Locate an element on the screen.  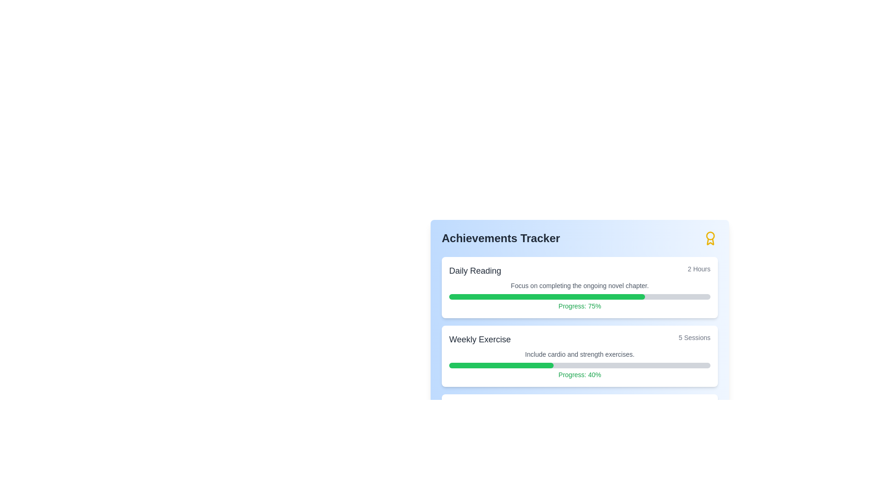
the progress percentage text element located at the bottom of the 'Weekly Exercise' tracker card is located at coordinates (579, 374).